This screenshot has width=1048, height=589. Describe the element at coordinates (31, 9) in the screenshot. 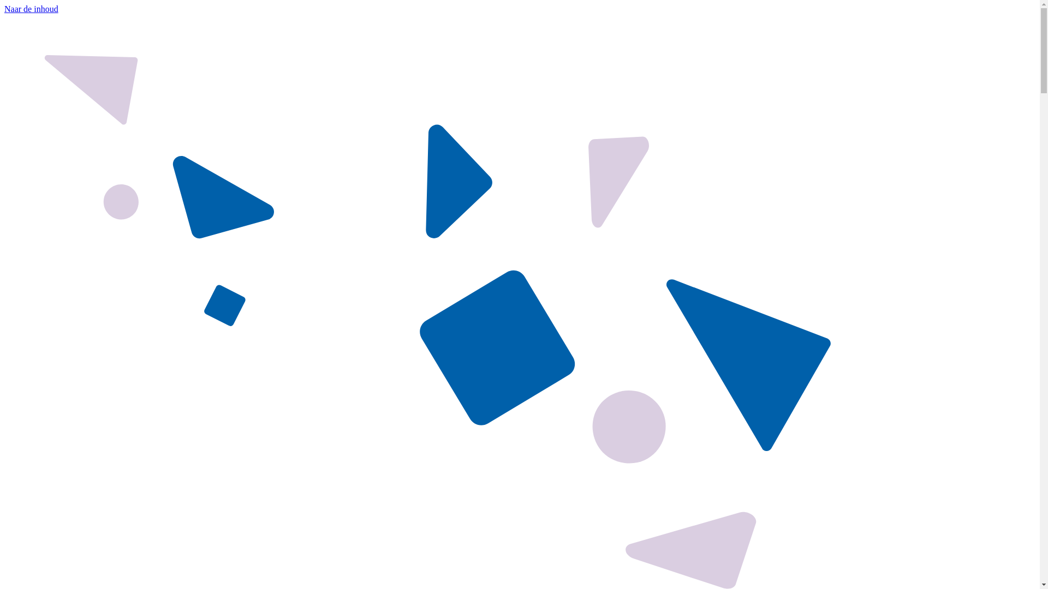

I see `'Naar de inhoud'` at that location.